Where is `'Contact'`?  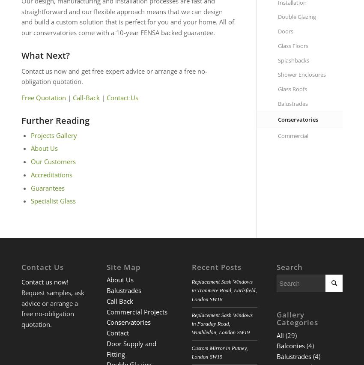 'Contact' is located at coordinates (117, 333).